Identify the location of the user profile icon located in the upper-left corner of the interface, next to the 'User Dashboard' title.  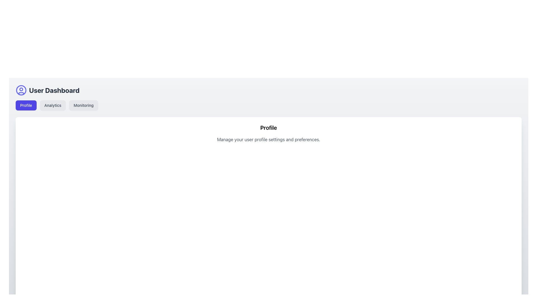
(21, 90).